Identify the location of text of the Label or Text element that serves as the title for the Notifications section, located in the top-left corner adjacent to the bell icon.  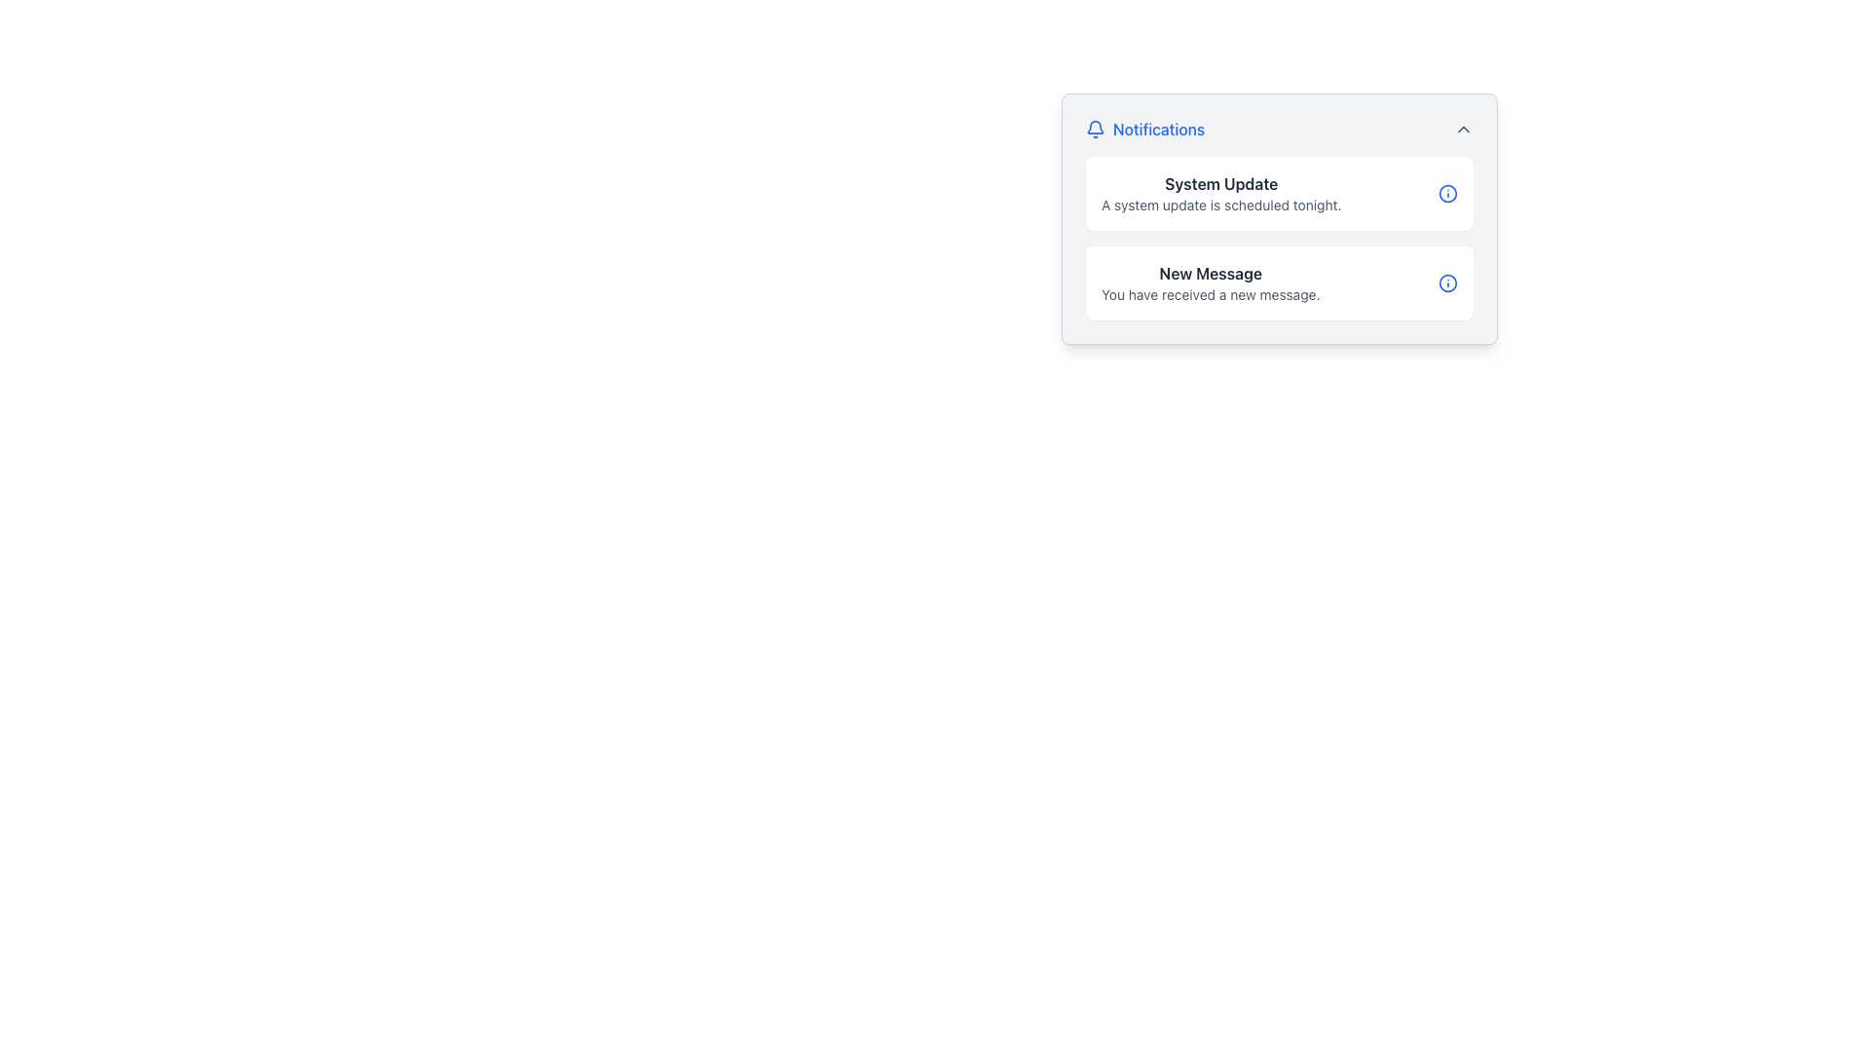
(1145, 129).